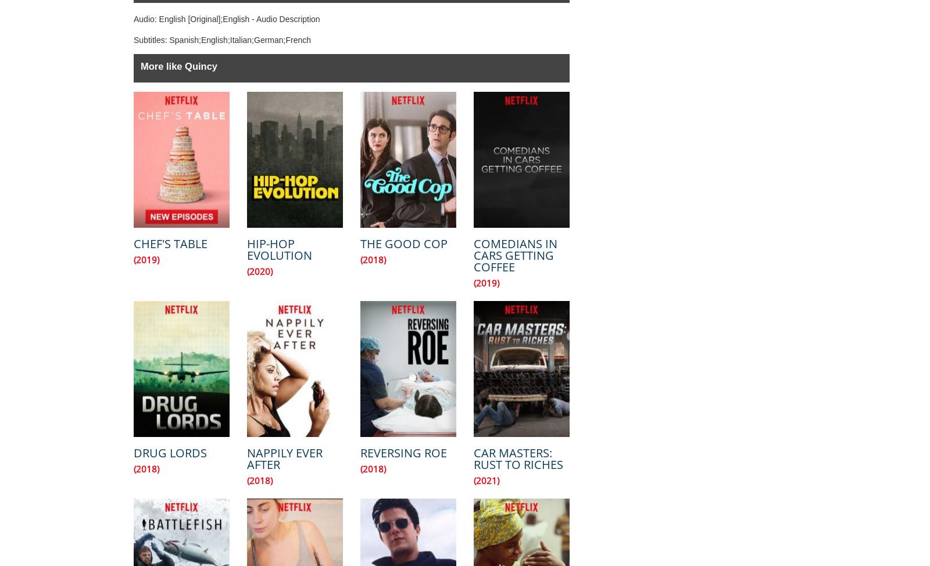 The image size is (930, 566). I want to click on 'Audio: English [Original];English - Audio Description', so click(226, 19).